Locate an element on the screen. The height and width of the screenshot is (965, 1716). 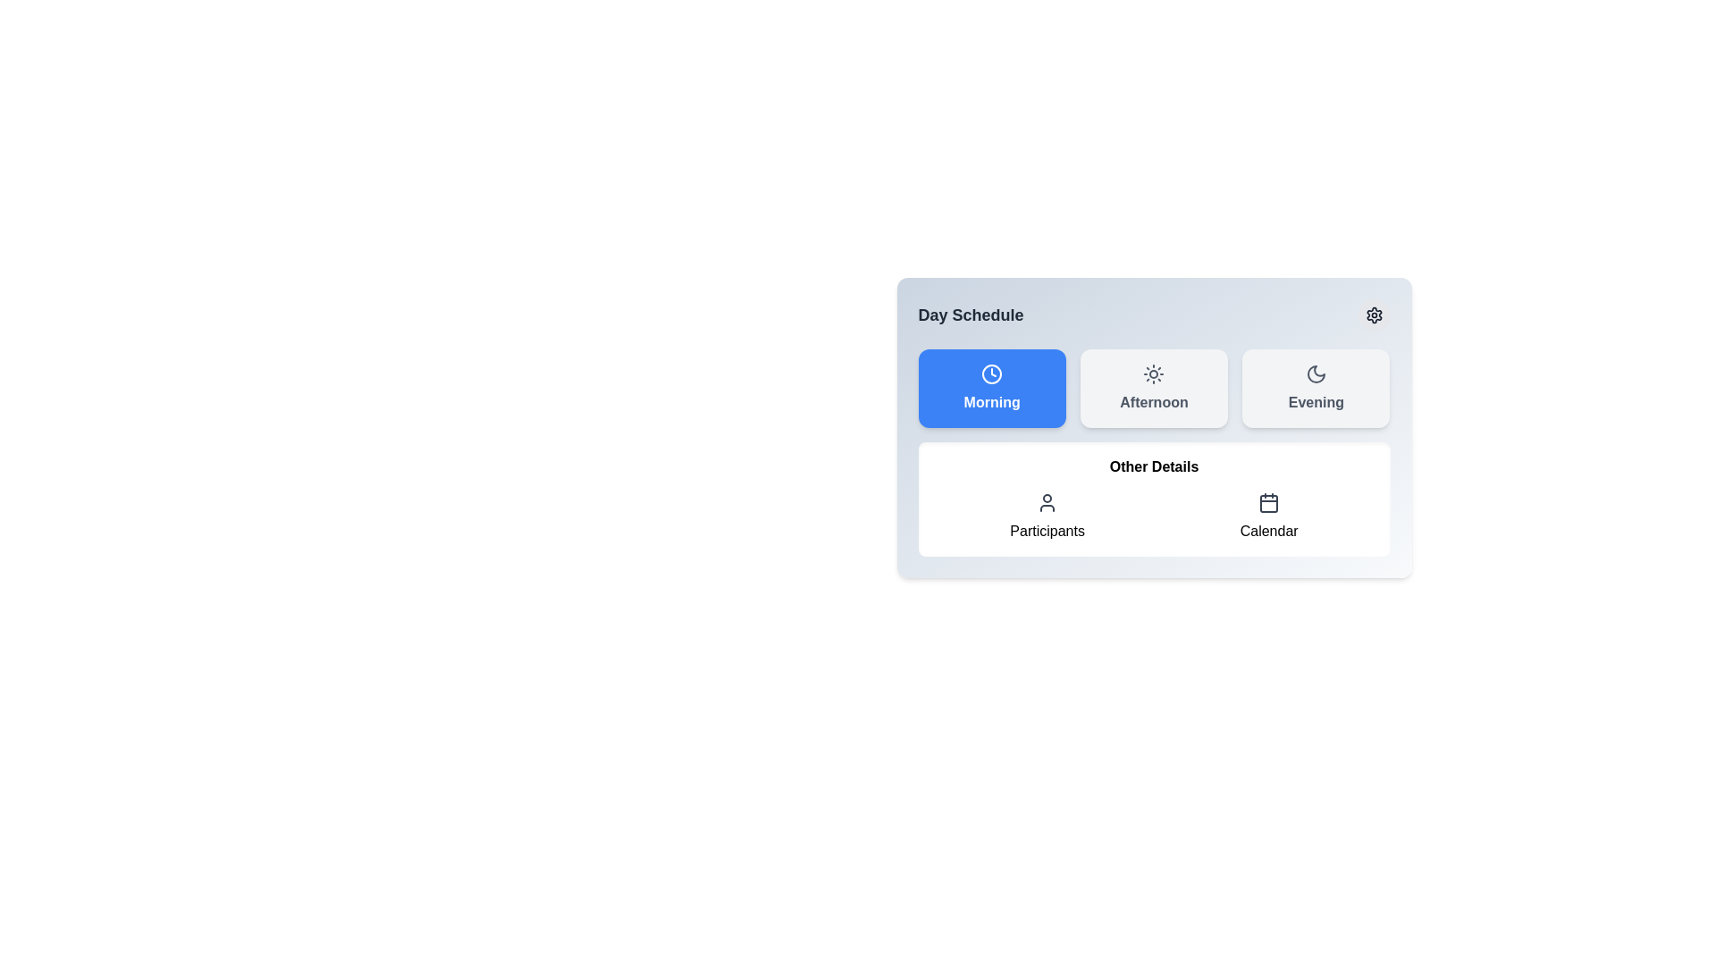
the user profile silhouette SVG icon located above the 'Participants' text label in the 'Other Details' section is located at coordinates (1047, 503).